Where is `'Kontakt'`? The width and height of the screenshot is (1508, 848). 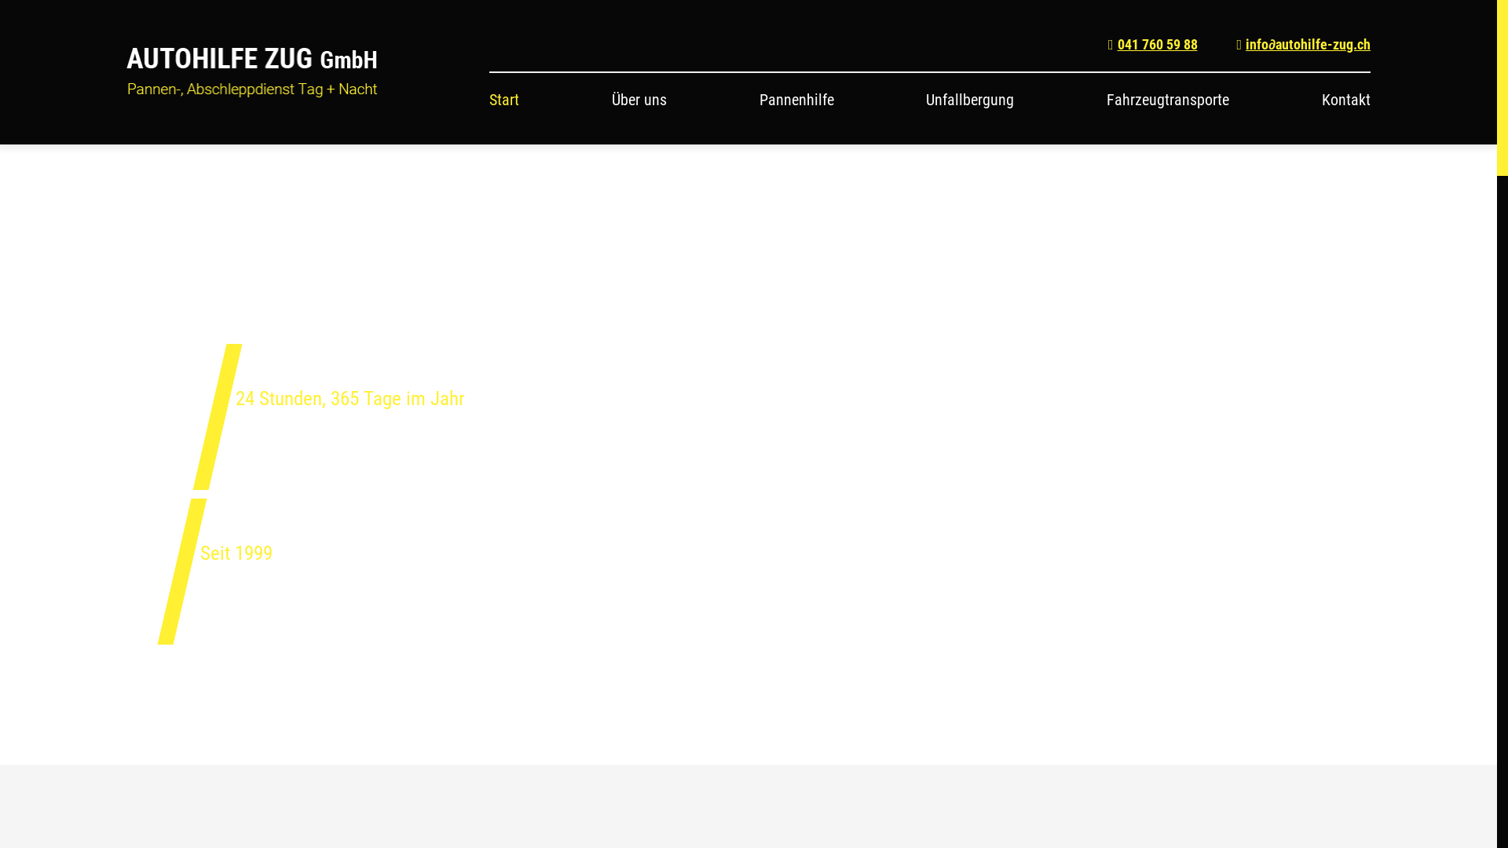
'Kontakt' is located at coordinates (1345, 100).